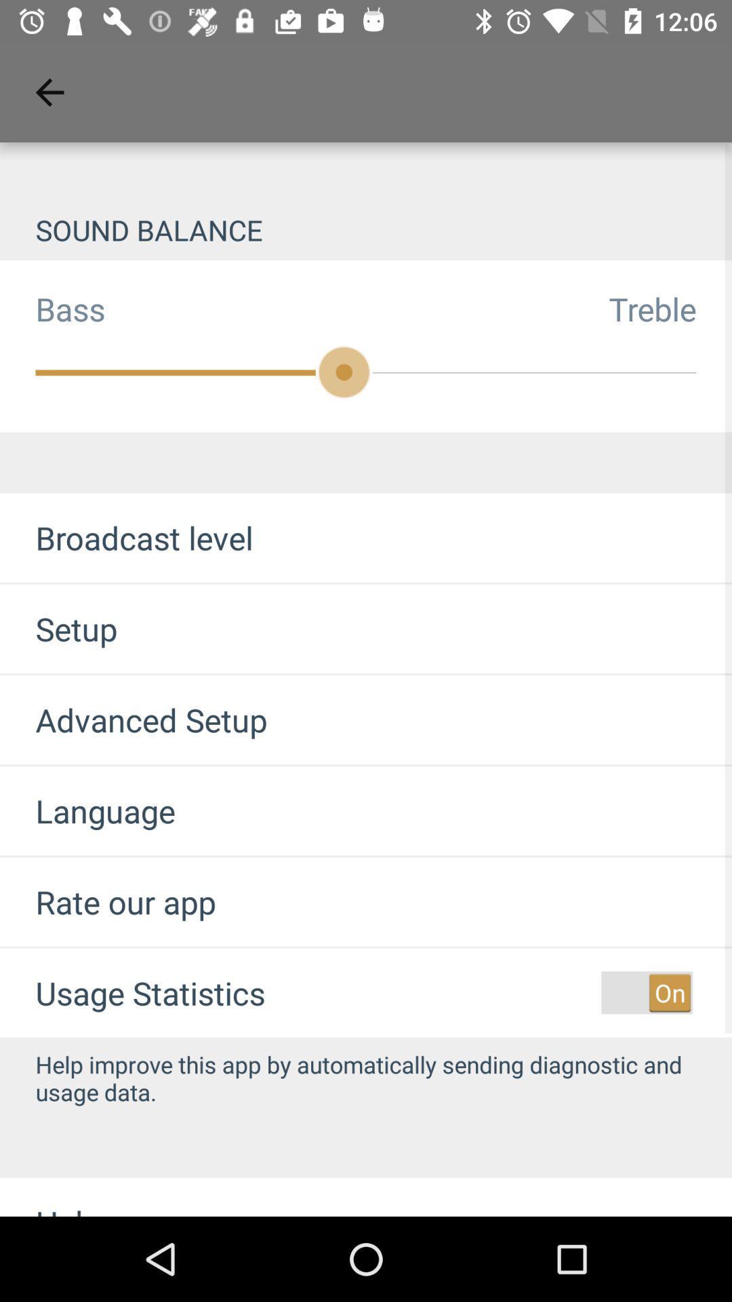  Describe the element at coordinates (150, 993) in the screenshot. I see `usage statistics` at that location.